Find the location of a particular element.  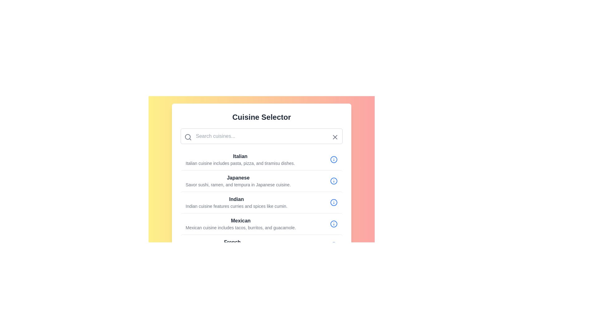

the 'French' text label is located at coordinates (232, 242).